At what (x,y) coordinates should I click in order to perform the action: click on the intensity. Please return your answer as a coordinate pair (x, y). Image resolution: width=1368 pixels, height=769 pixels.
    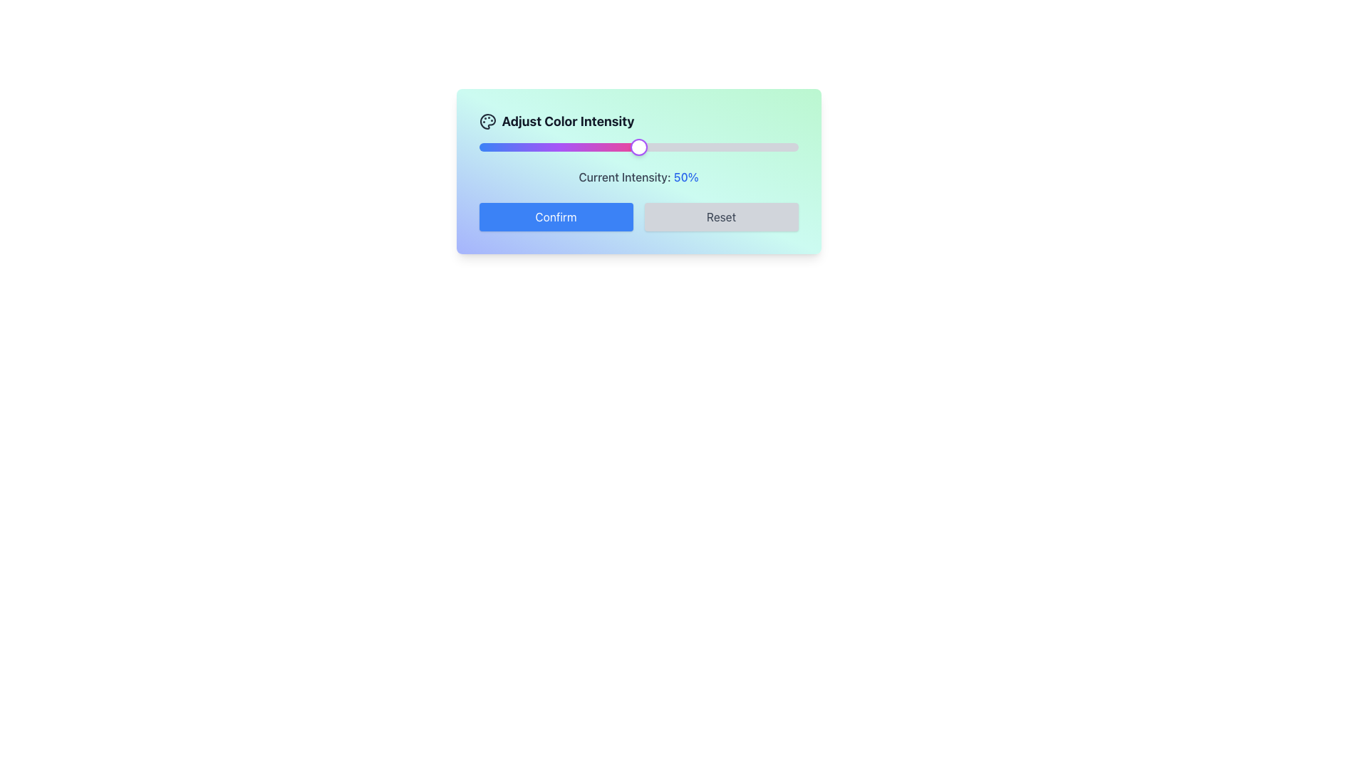
    Looking at the image, I should click on (645, 147).